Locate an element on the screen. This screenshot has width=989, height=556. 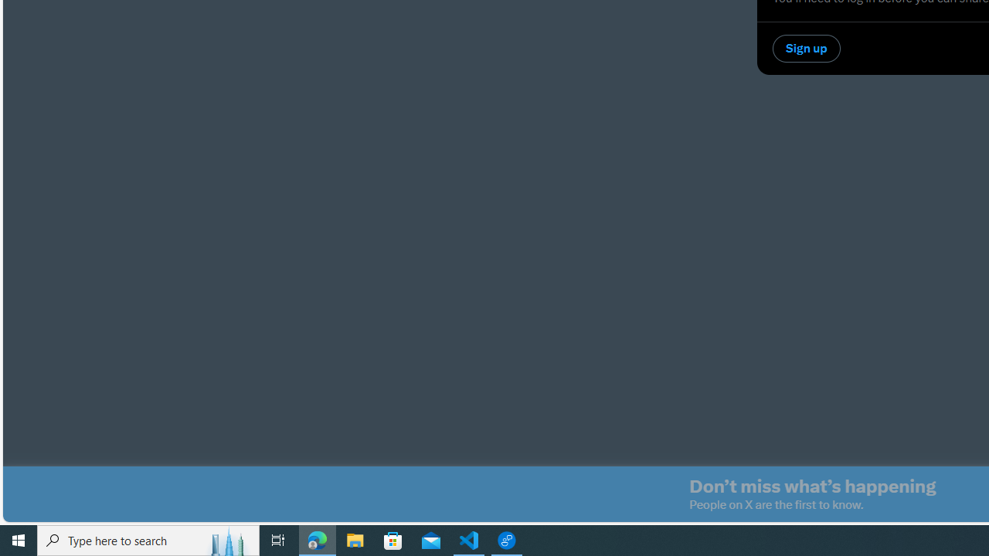
'Start' is located at coordinates (19, 539).